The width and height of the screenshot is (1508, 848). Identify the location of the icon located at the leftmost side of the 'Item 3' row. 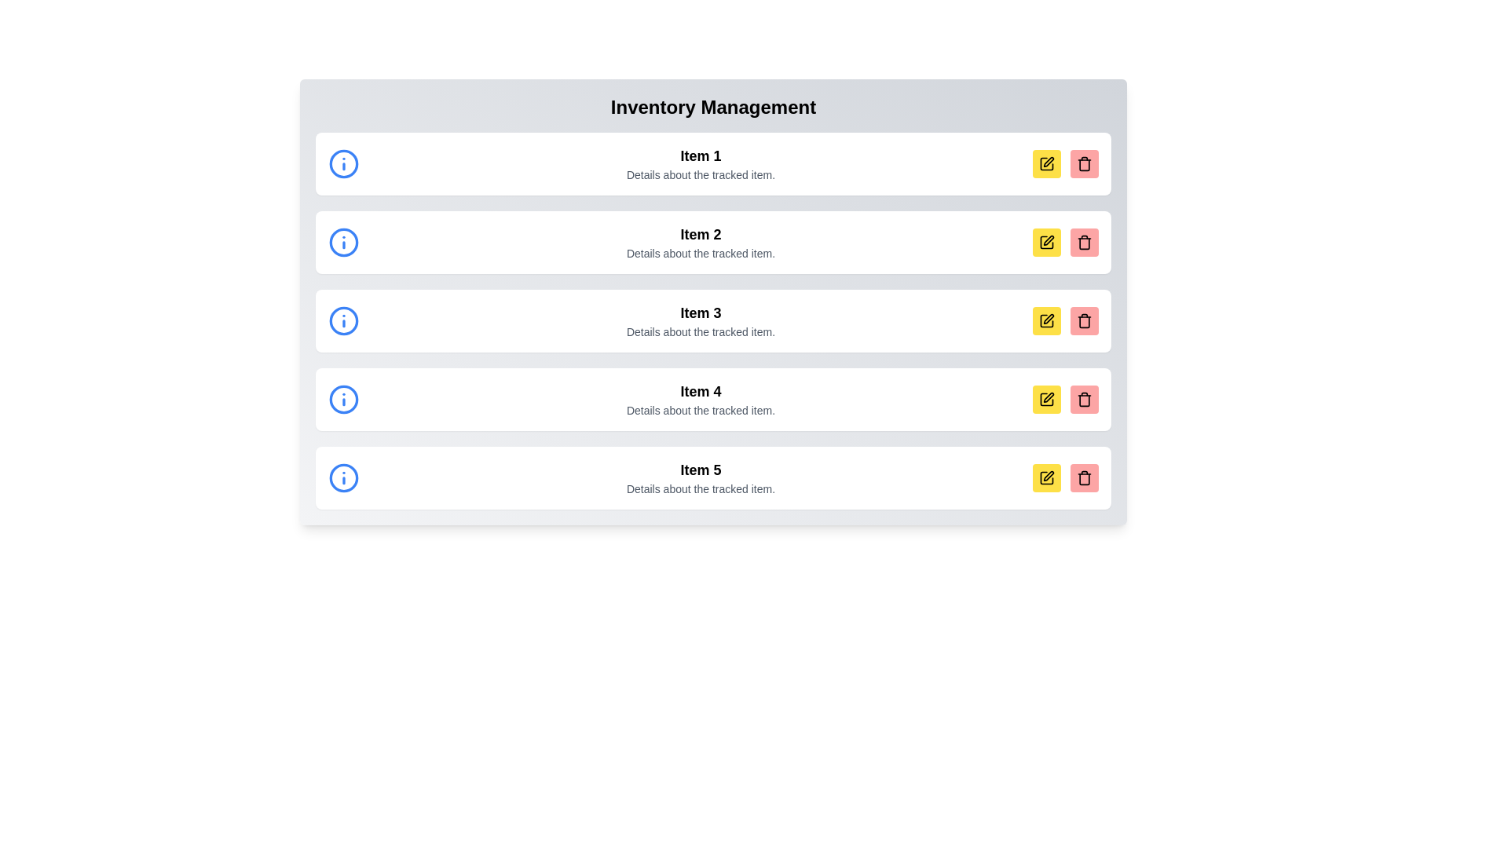
(342, 320).